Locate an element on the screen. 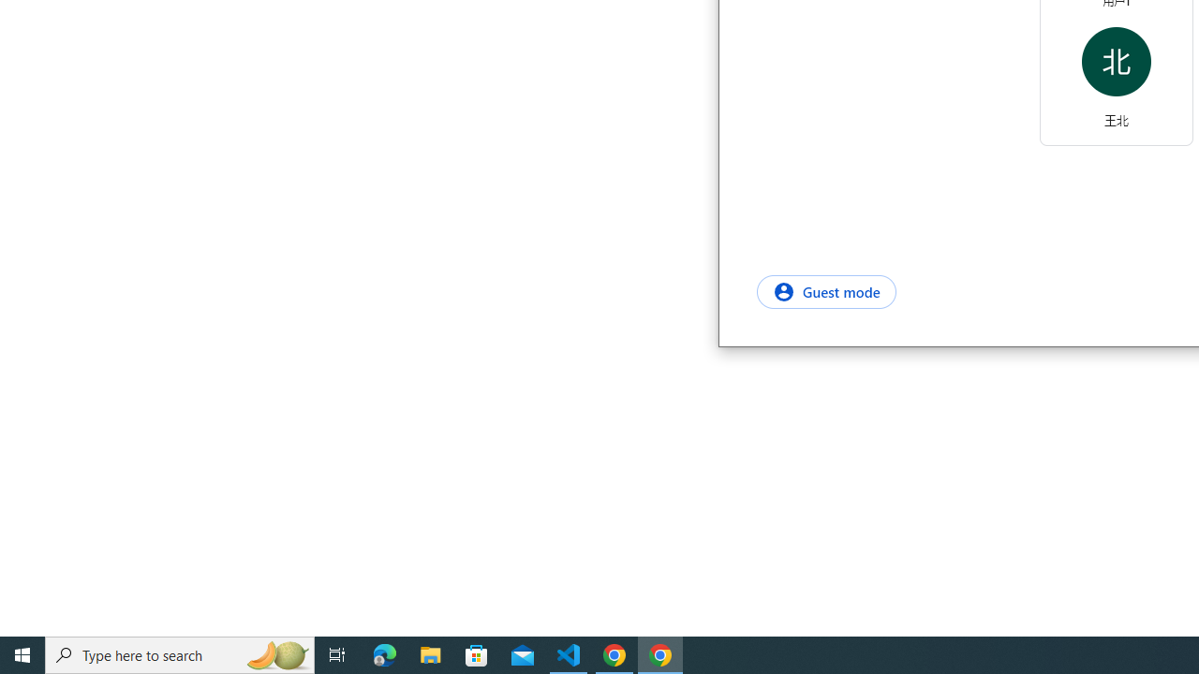  'Google Chrome - 1 running window' is located at coordinates (660, 653).